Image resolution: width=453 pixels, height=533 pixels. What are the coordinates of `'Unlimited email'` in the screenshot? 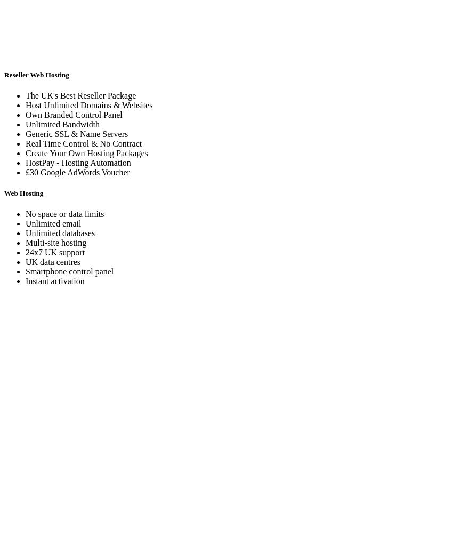 It's located at (26, 223).